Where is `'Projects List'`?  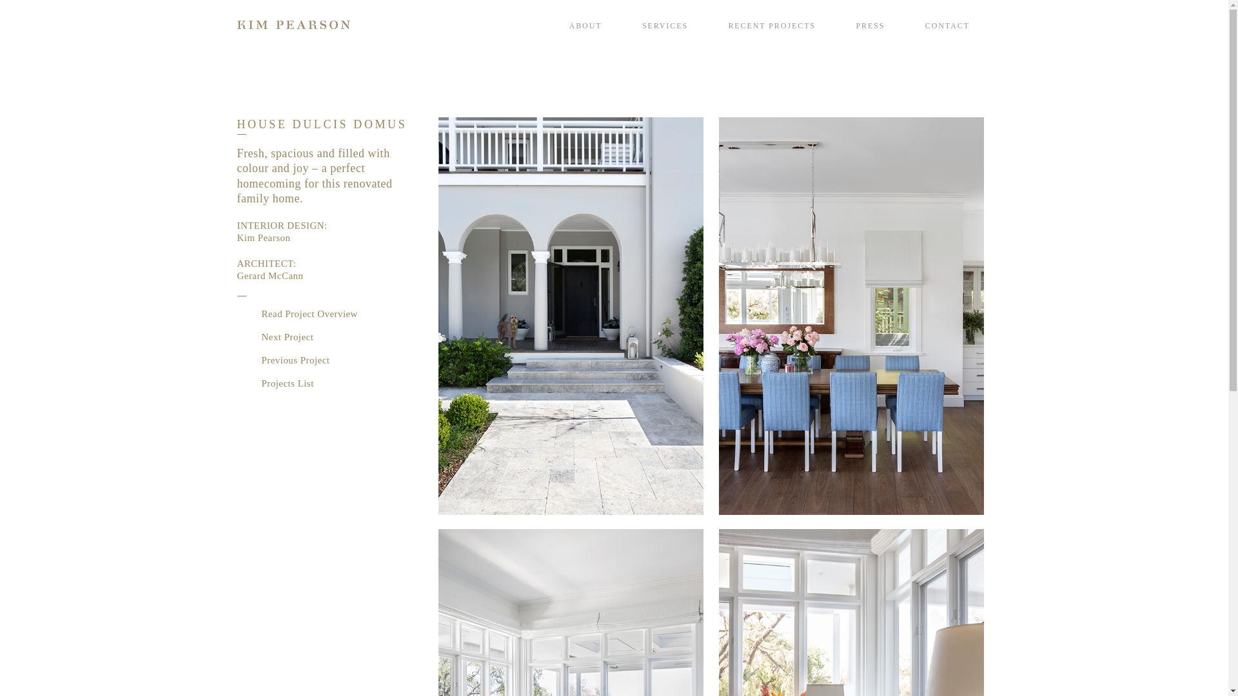
'Projects List' is located at coordinates (275, 382).